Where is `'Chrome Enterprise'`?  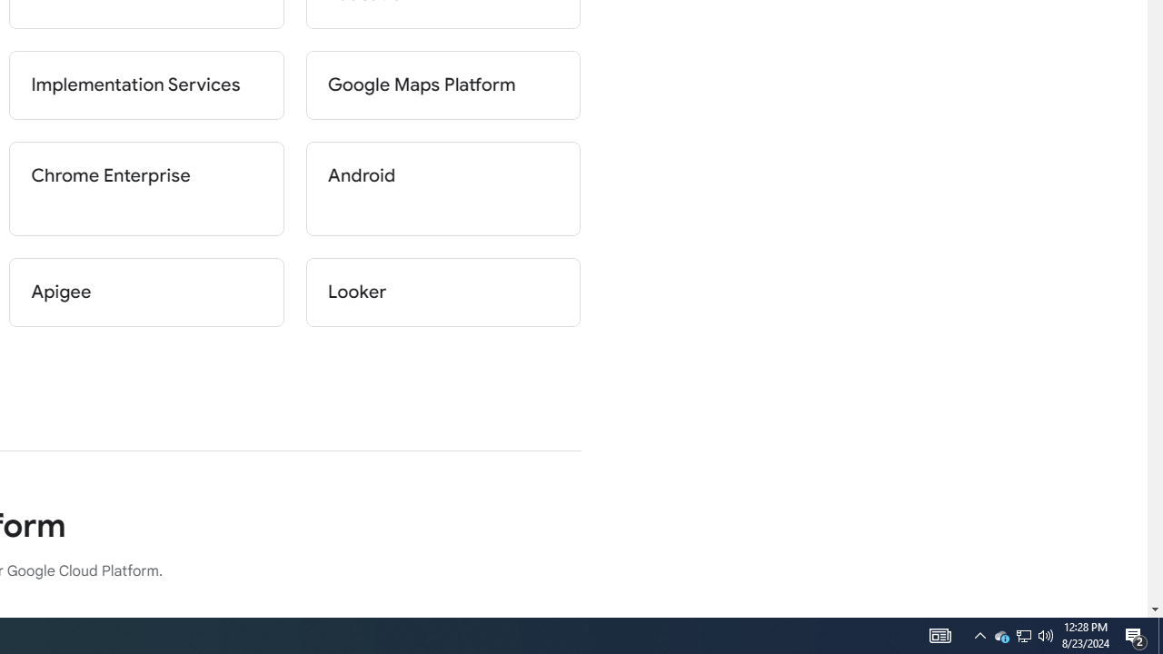 'Chrome Enterprise' is located at coordinates (146, 189).